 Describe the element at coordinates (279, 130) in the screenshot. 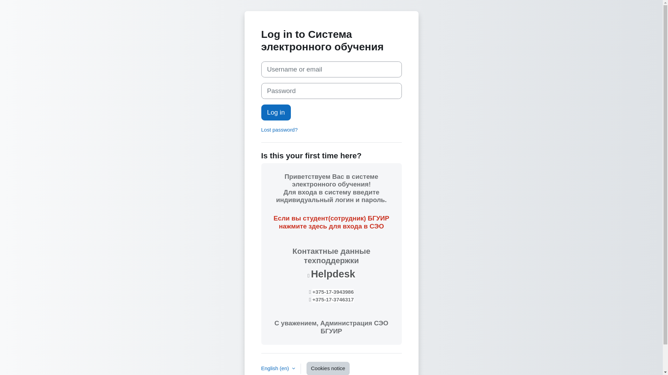

I see `'Lost password?'` at that location.